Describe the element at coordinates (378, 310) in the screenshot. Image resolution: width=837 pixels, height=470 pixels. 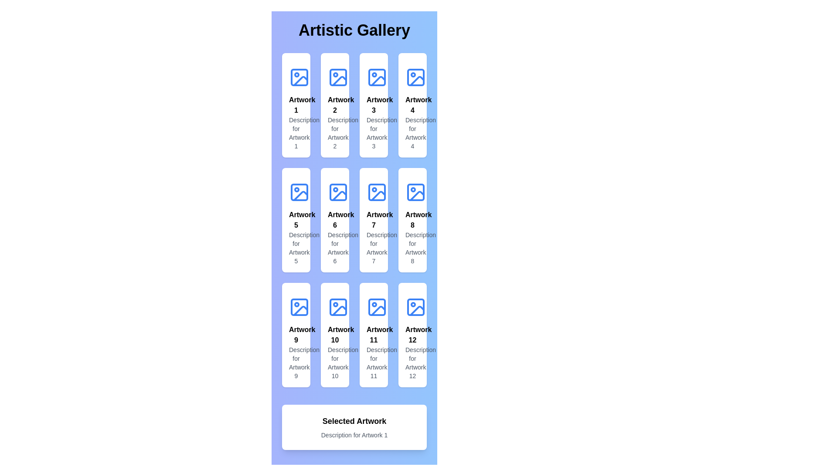
I see `the triangular-shaped picture frame icon with a blue outline located in the eleventh position of the artwork grid` at that location.